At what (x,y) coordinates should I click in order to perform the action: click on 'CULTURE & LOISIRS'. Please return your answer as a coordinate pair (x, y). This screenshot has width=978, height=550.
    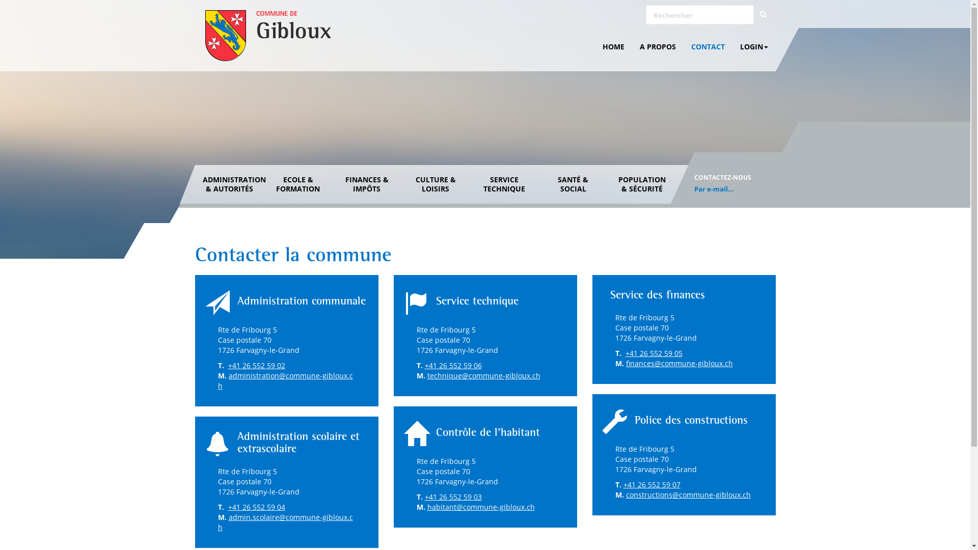
    Looking at the image, I should click on (436, 184).